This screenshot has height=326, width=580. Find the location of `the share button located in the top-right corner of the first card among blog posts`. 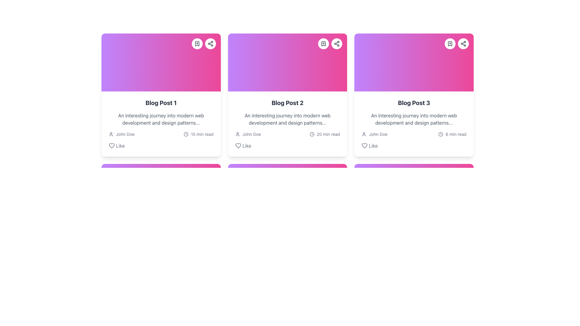

the share button located in the top-right corner of the first card among blog posts is located at coordinates (210, 43).